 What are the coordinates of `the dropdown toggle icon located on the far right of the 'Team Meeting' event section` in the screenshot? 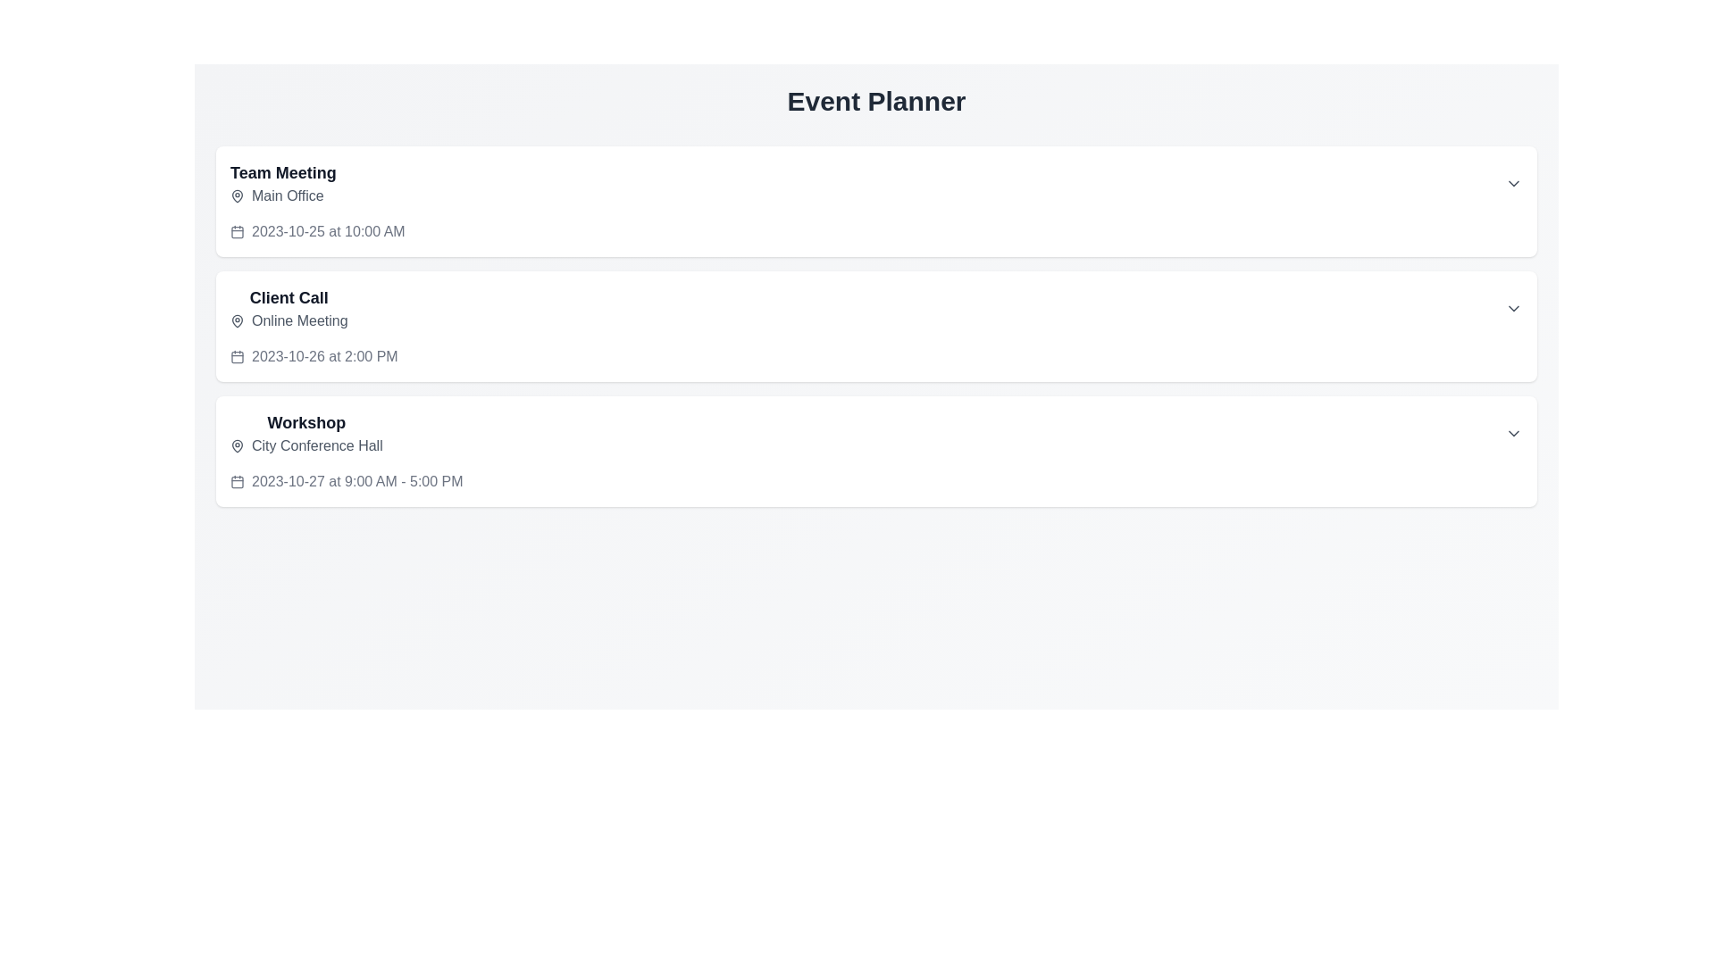 It's located at (1512, 183).